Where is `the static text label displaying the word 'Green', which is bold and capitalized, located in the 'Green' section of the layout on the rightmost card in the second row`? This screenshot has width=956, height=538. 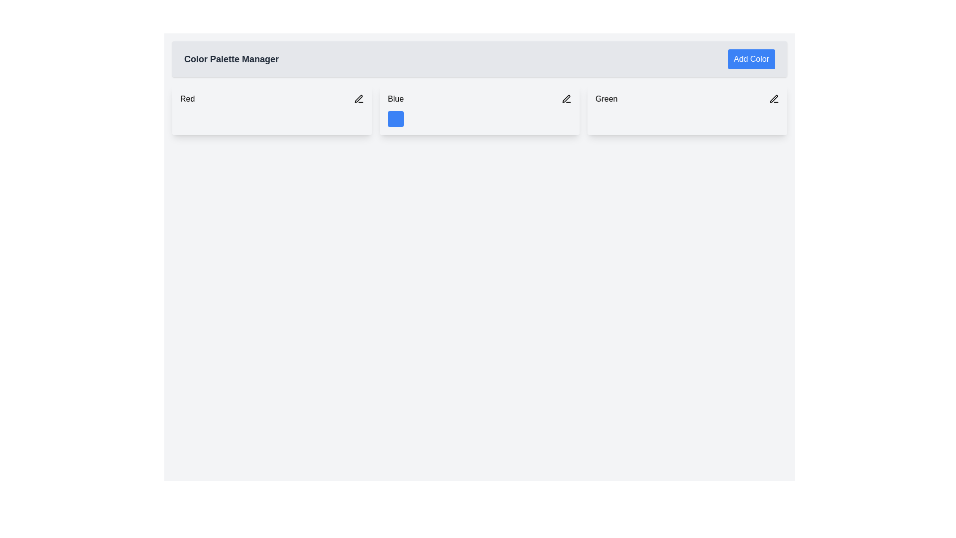 the static text label displaying the word 'Green', which is bold and capitalized, located in the 'Green' section of the layout on the rightmost card in the second row is located at coordinates (606, 99).